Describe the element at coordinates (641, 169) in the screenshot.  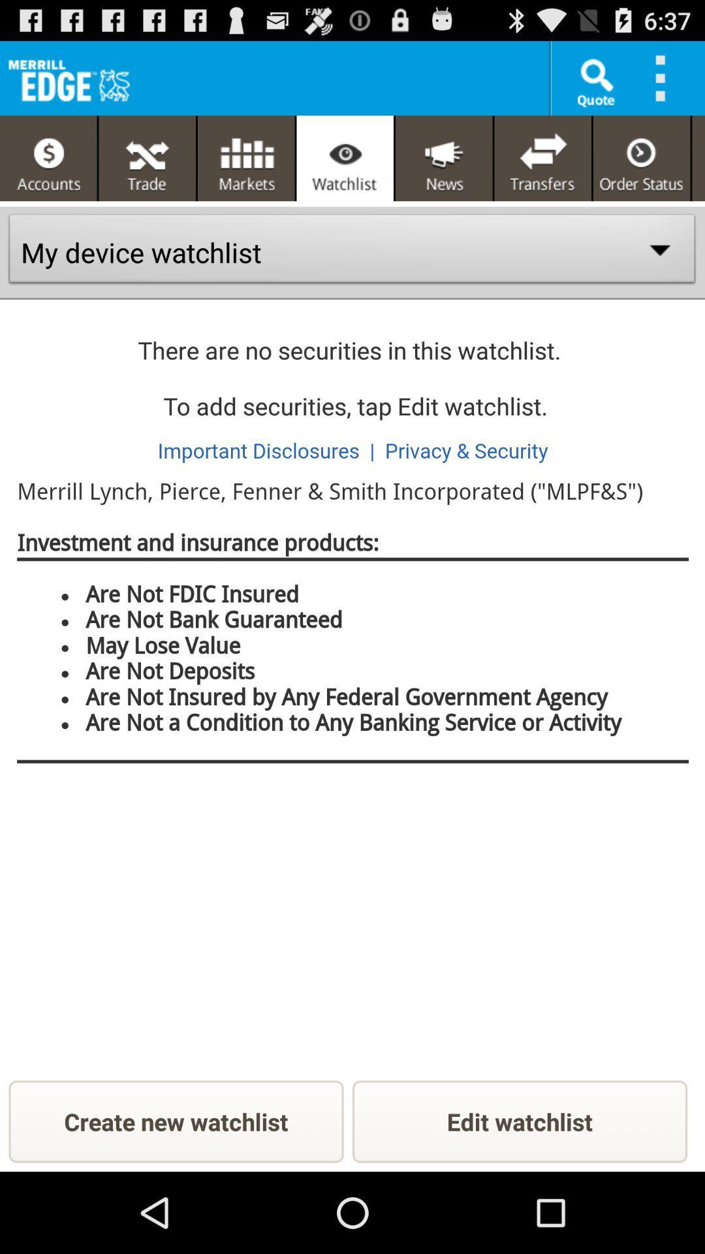
I see `the time icon` at that location.